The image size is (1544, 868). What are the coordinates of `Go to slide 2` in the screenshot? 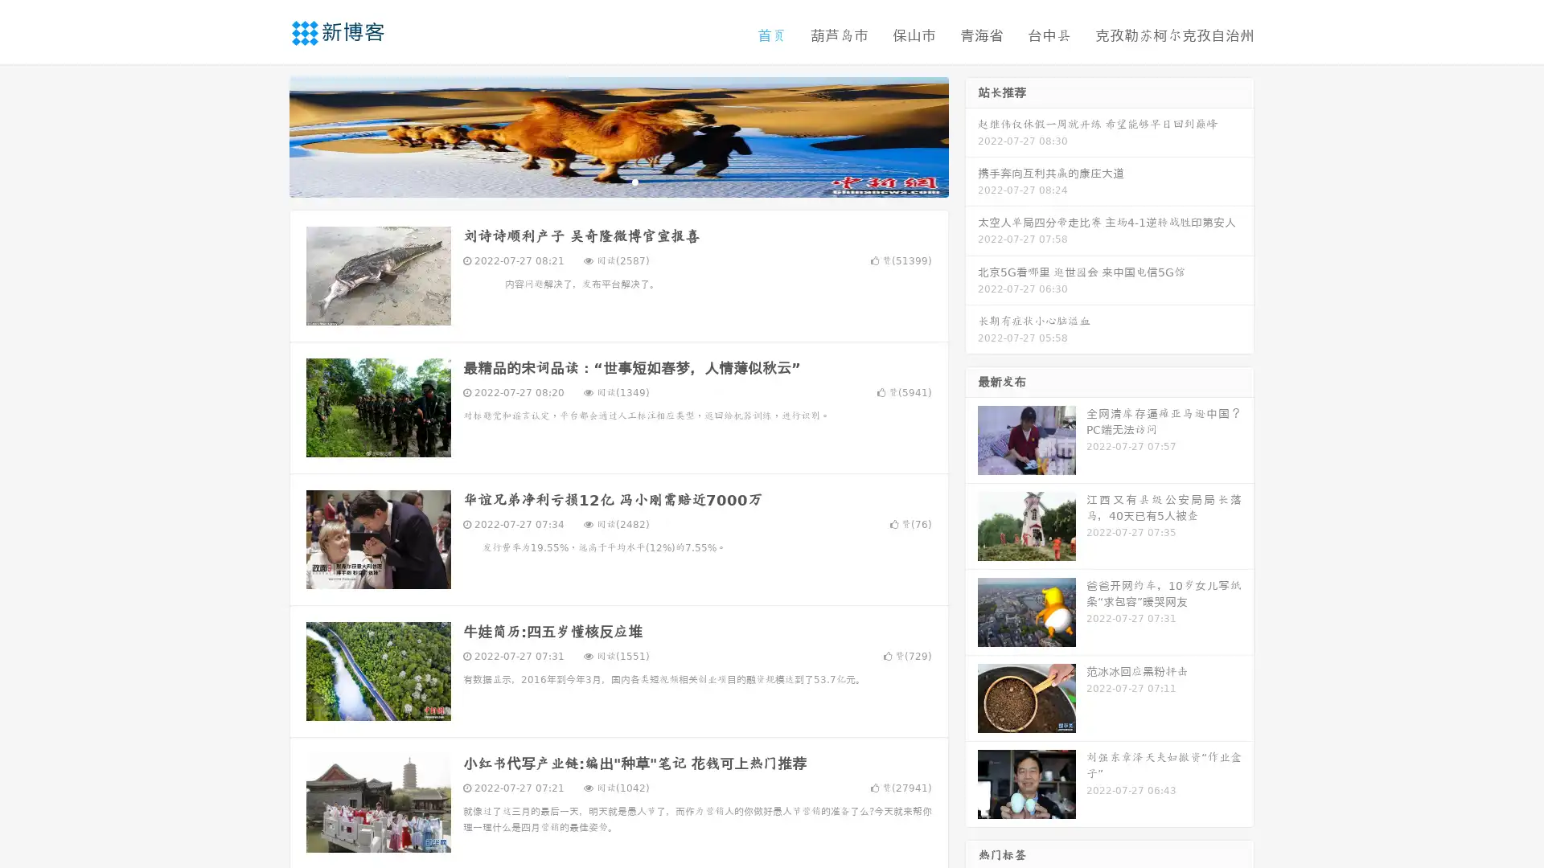 It's located at (618, 181).